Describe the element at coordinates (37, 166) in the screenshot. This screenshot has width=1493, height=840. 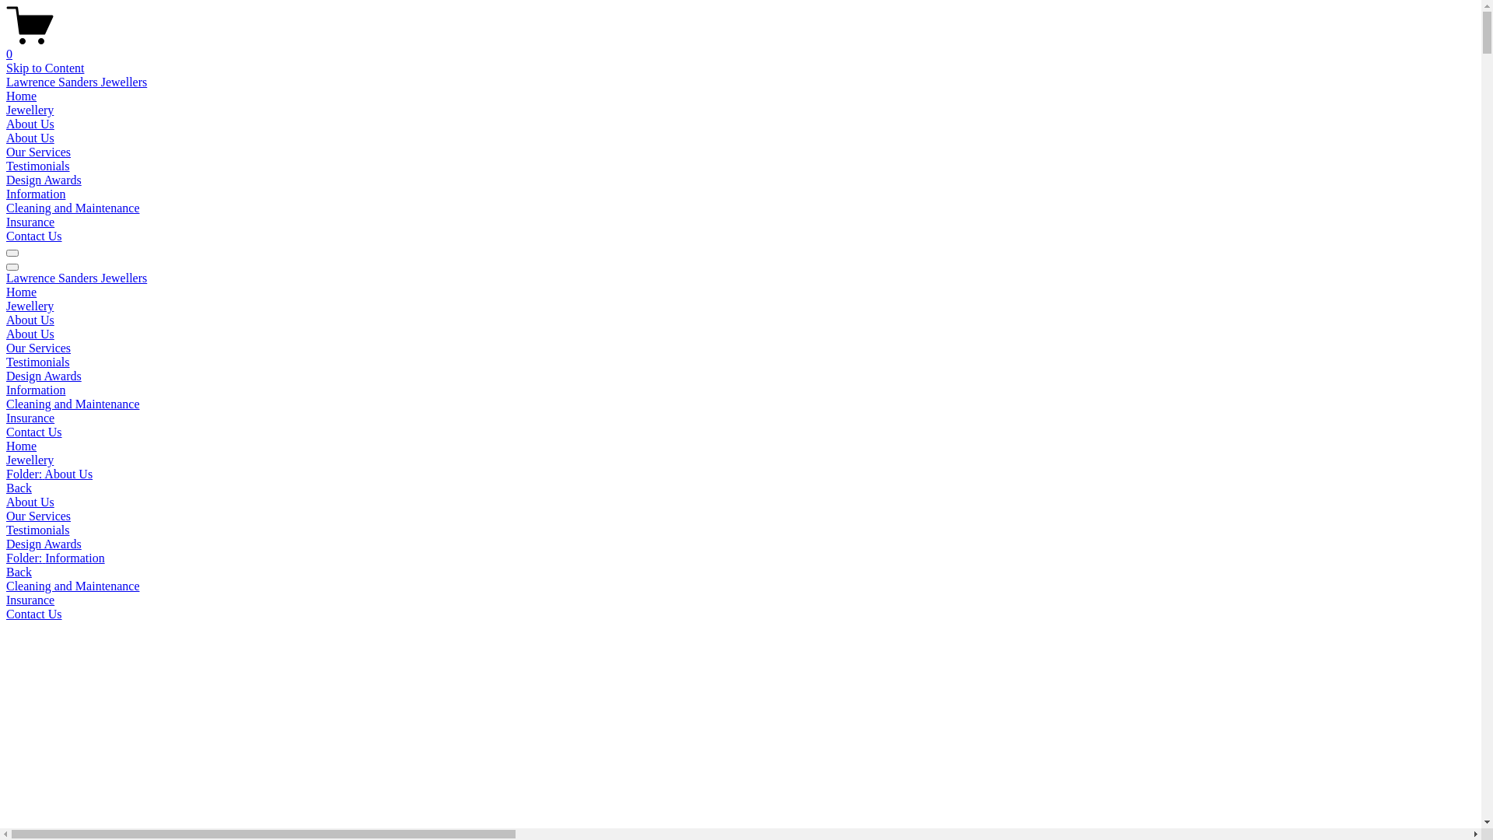
I see `'Testimonials'` at that location.